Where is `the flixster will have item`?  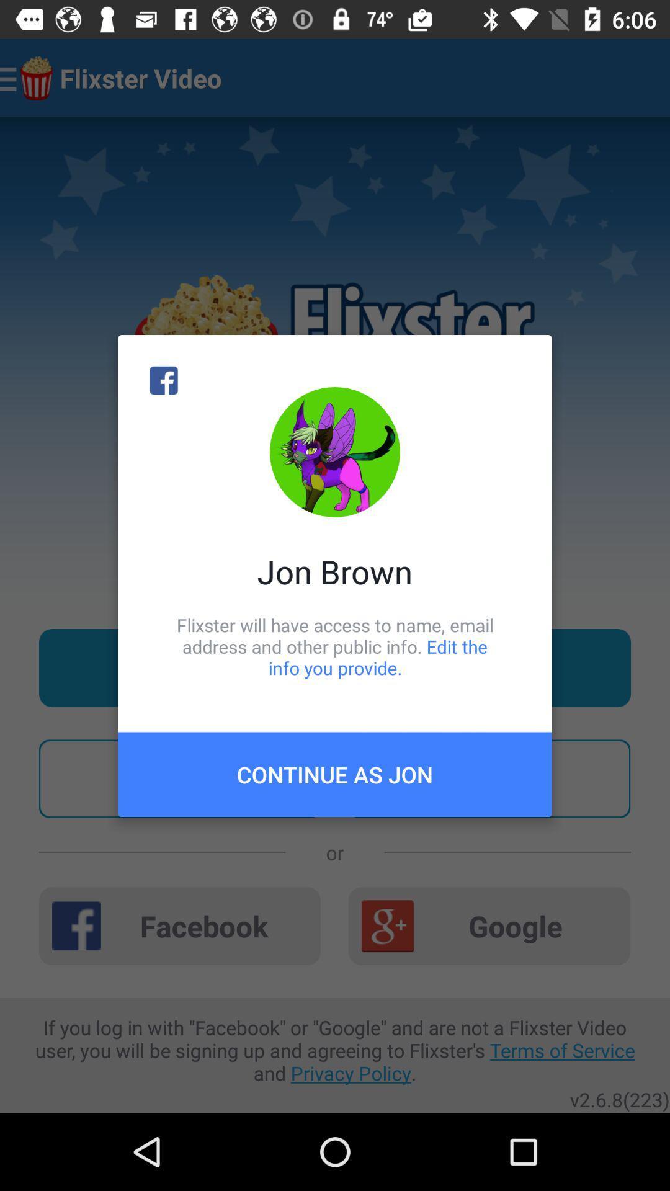
the flixster will have item is located at coordinates (335, 646).